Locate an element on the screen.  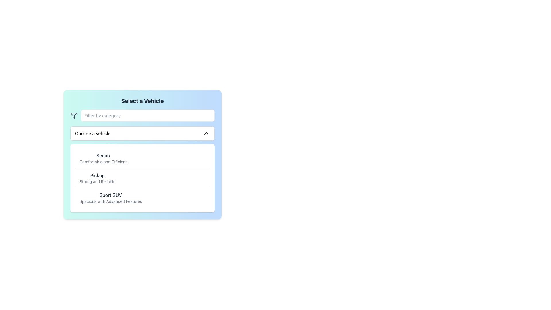
the 'Pickup' button-like list item is located at coordinates (142, 178).